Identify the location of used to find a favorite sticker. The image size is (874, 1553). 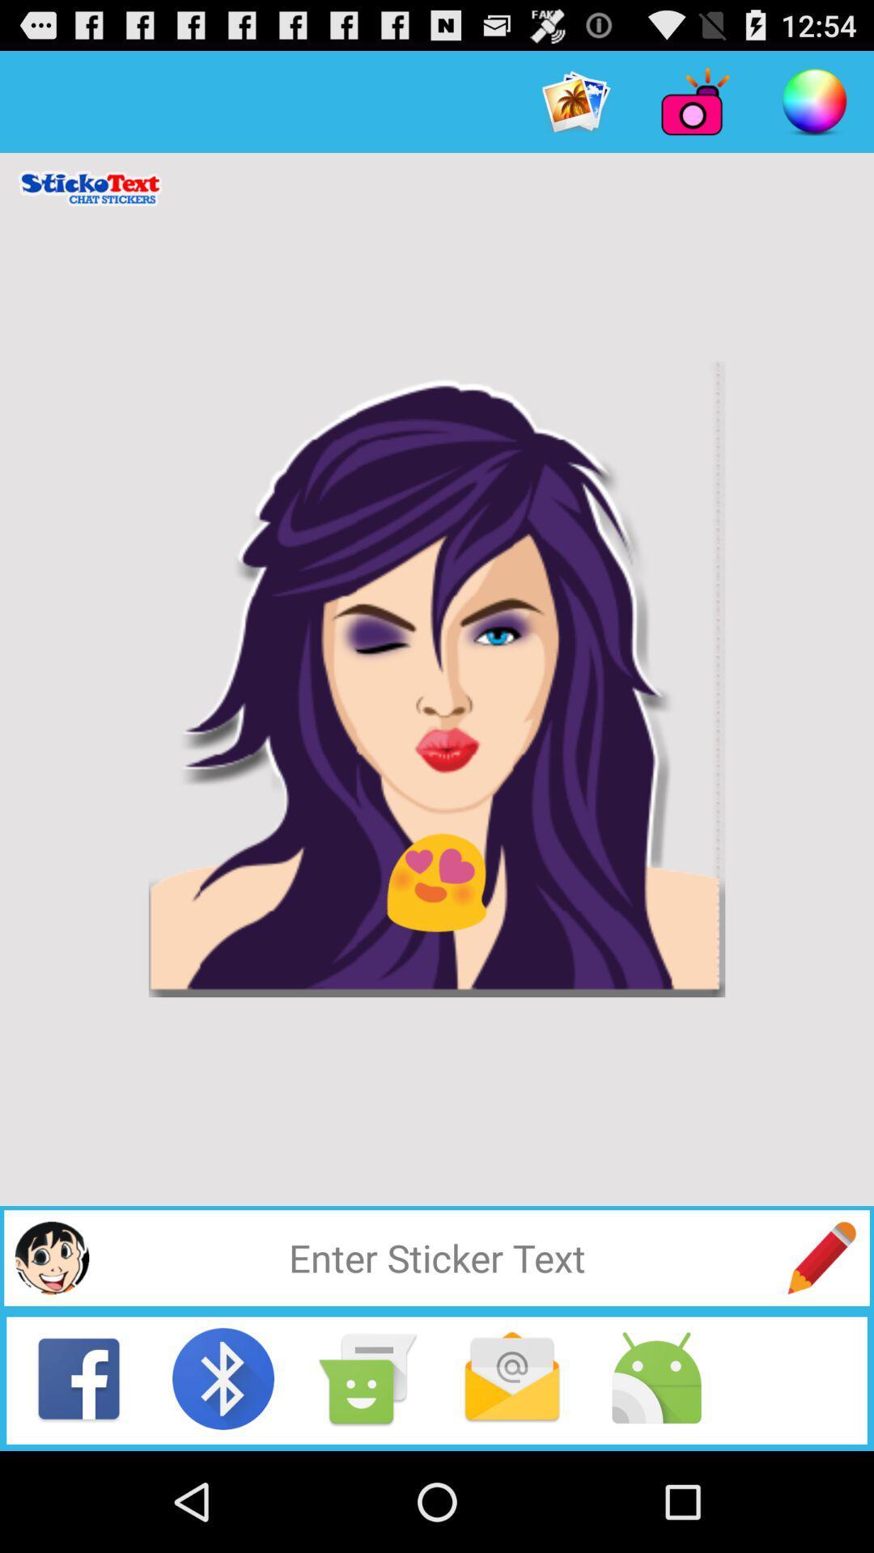
(437, 1257).